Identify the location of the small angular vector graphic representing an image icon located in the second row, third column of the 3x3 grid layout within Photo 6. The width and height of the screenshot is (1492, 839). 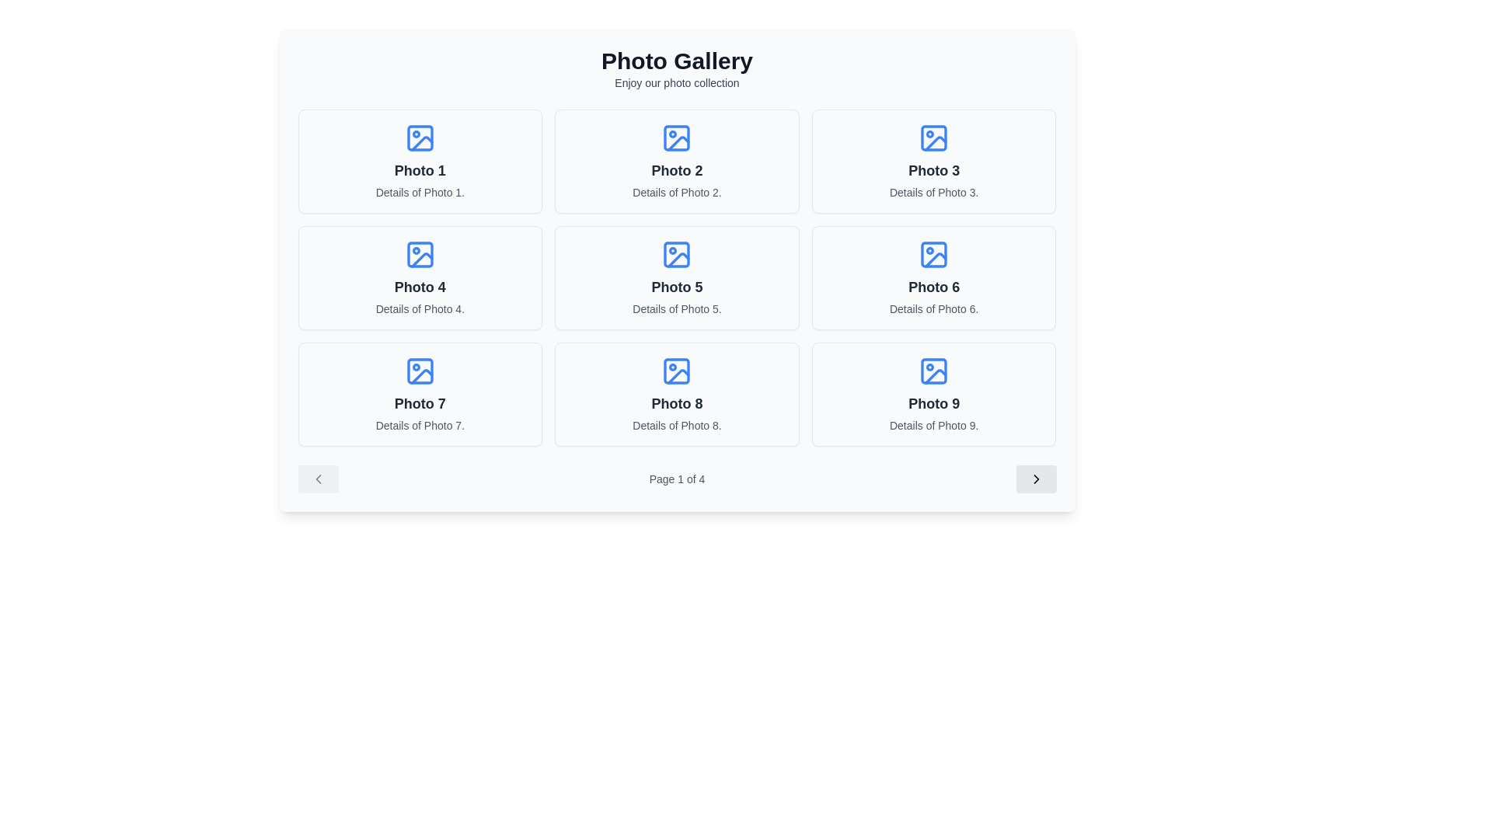
(935, 259).